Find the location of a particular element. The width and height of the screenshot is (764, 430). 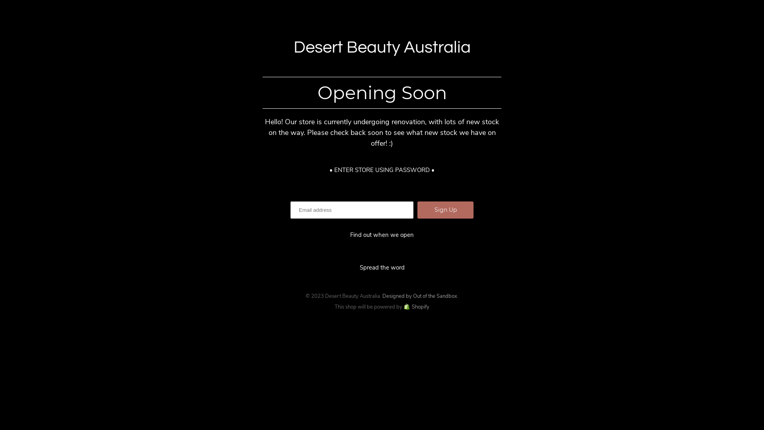

'Enter' is located at coordinates (382, 222).